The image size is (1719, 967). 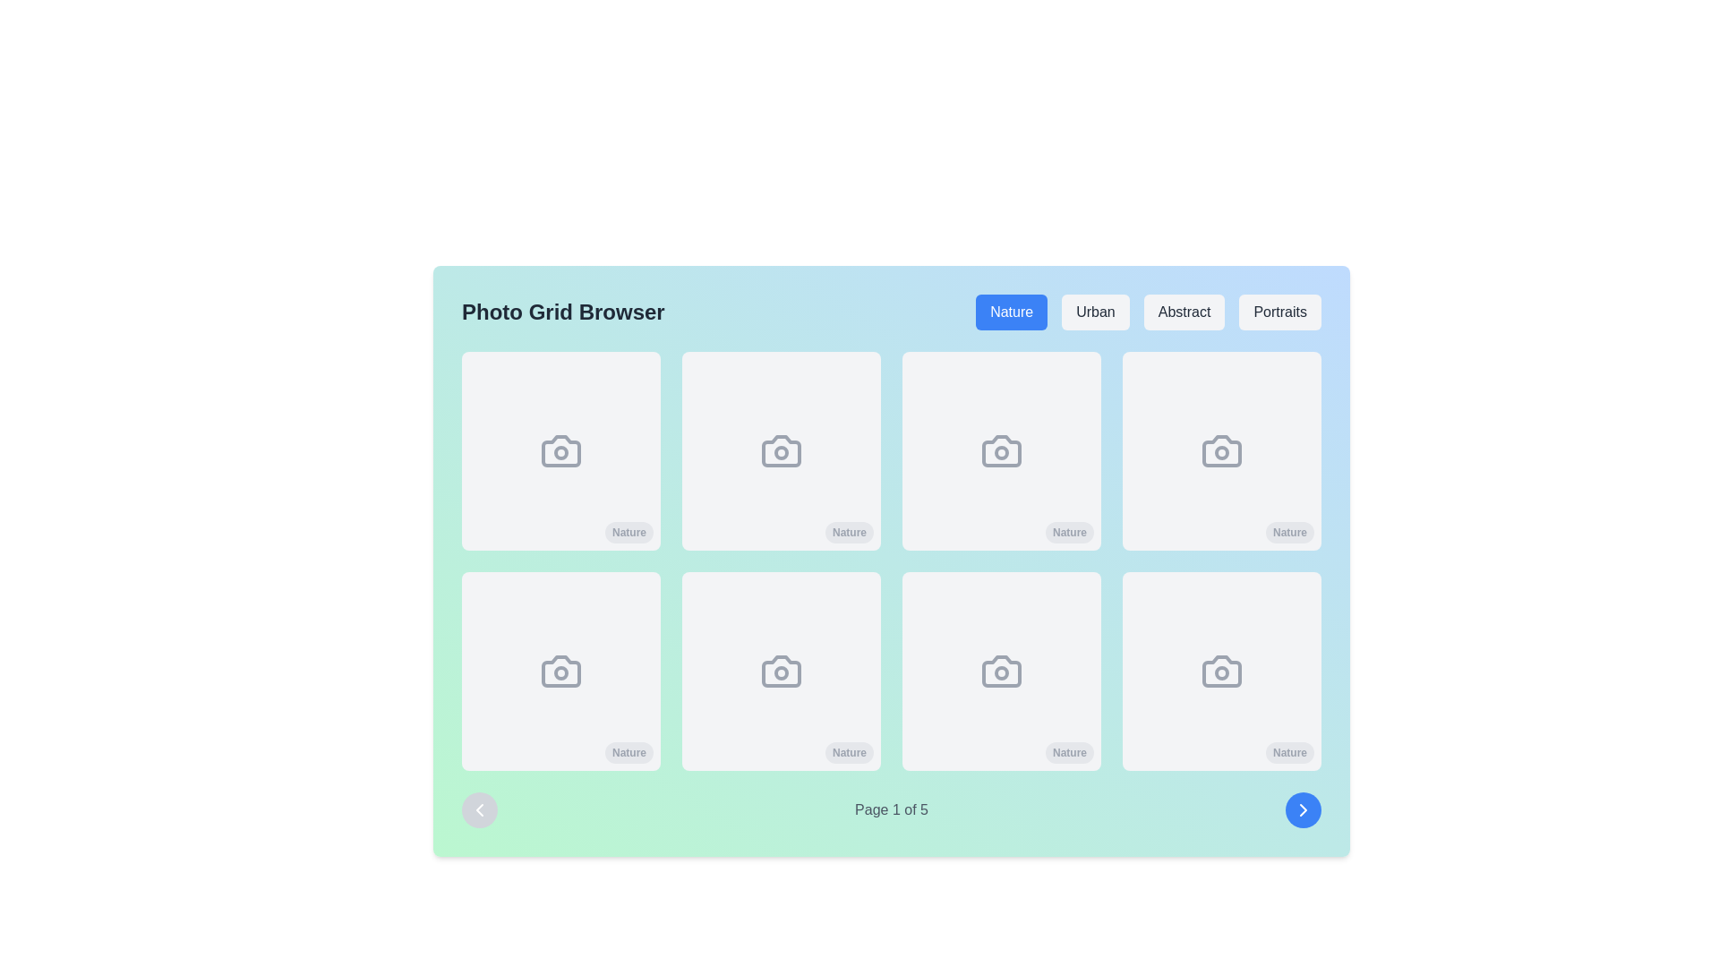 I want to click on the rightward-pointing chevron icon inside the circular blue button, so click(x=1303, y=810).